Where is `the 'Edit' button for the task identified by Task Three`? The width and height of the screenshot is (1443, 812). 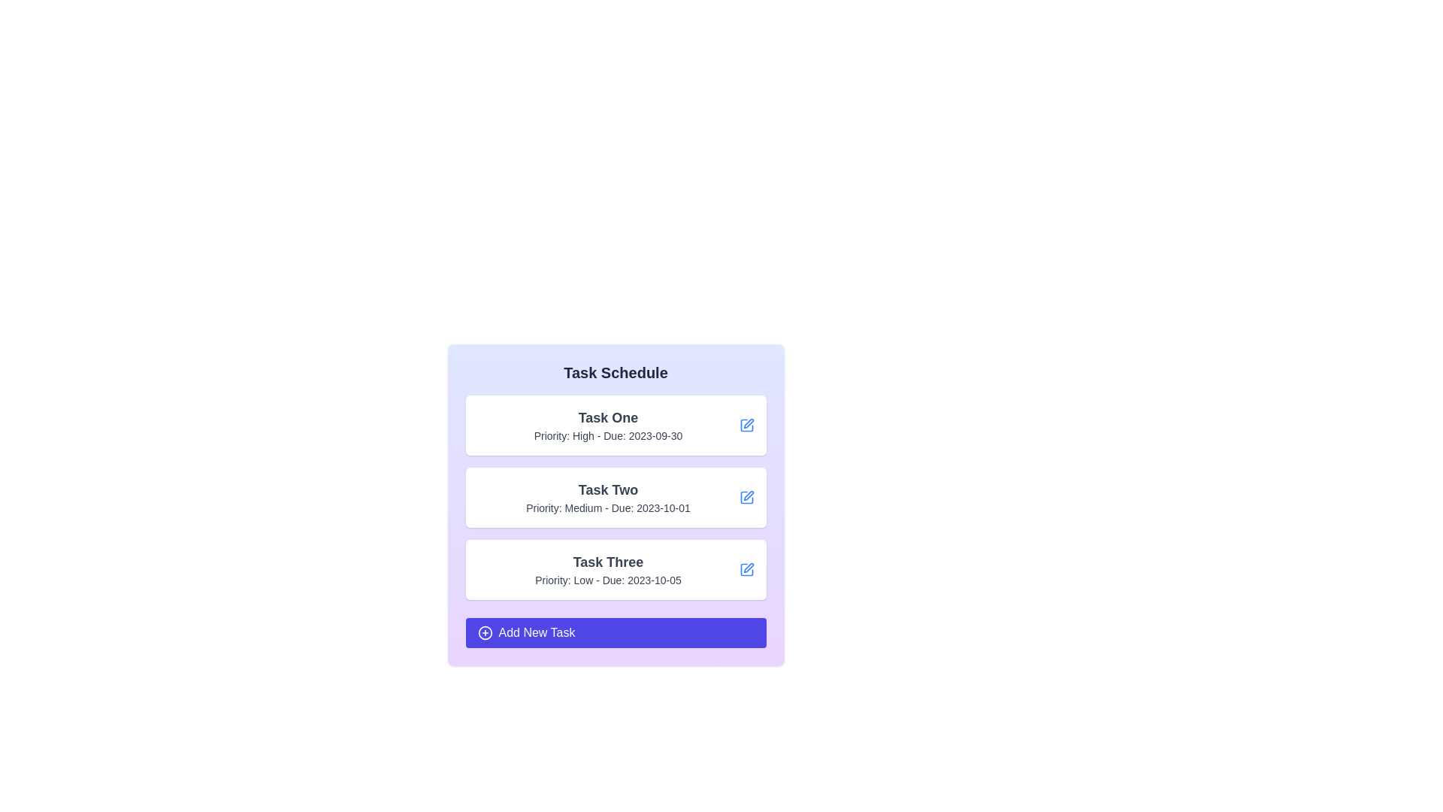 the 'Edit' button for the task identified by Task Three is located at coordinates (746, 570).